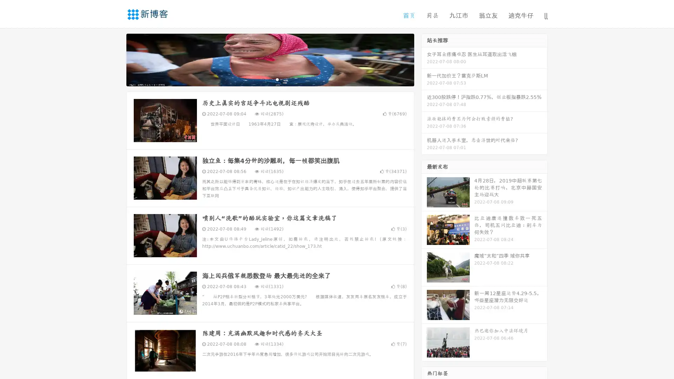 This screenshot has height=379, width=674. I want to click on Go to slide 2, so click(270, 79).